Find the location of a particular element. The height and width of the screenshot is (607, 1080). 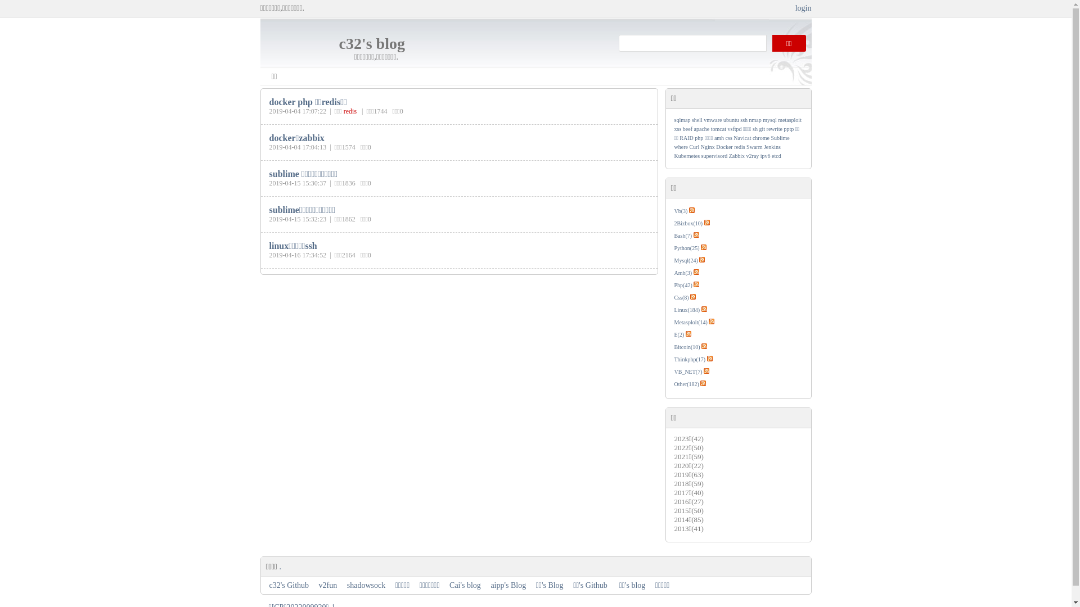

'Mysql(24)' is located at coordinates (674, 260).